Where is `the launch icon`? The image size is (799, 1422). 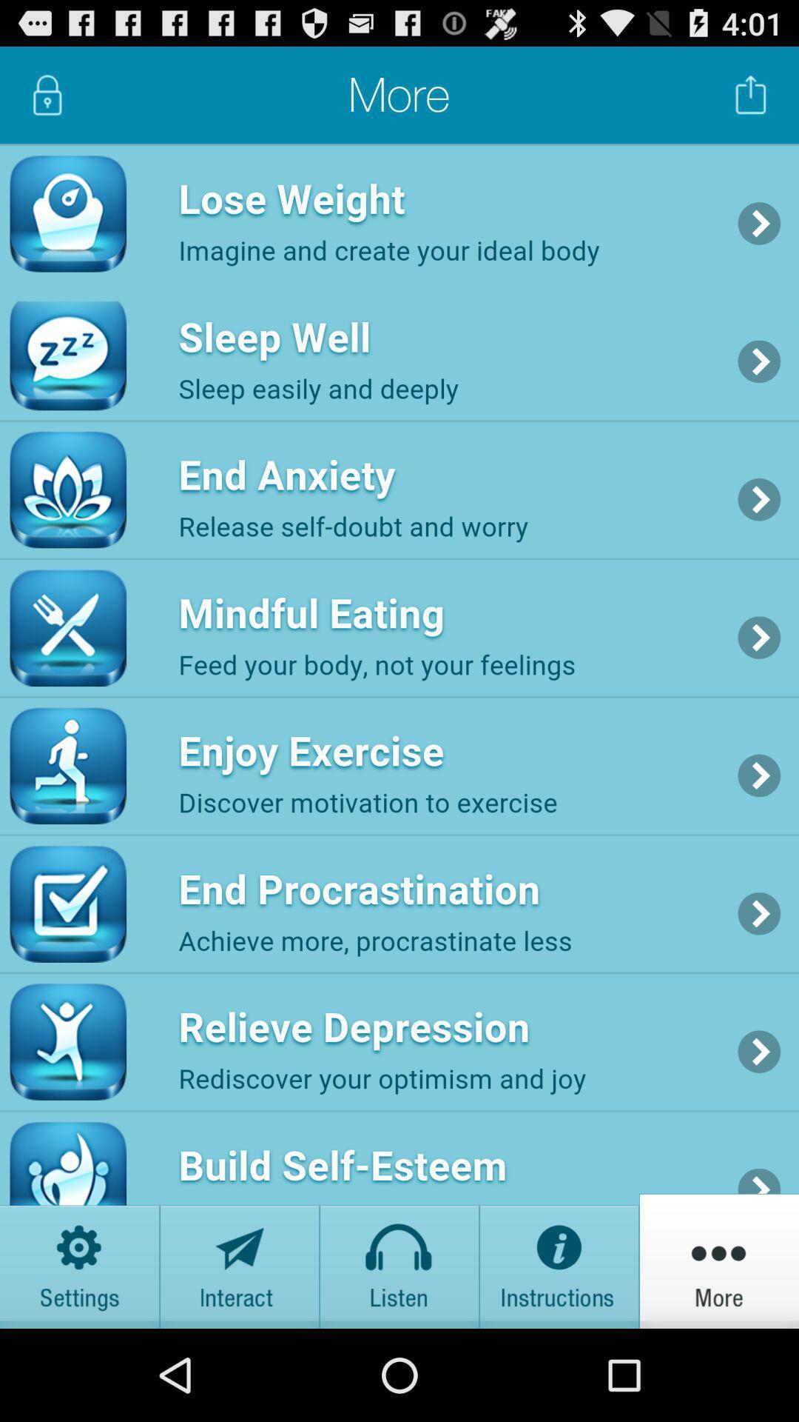
the launch icon is located at coordinates (751, 101).